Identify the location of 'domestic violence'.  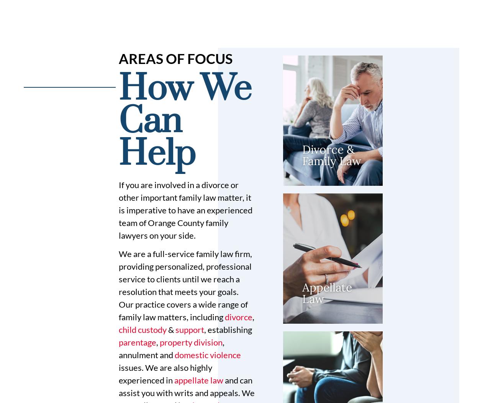
(207, 354).